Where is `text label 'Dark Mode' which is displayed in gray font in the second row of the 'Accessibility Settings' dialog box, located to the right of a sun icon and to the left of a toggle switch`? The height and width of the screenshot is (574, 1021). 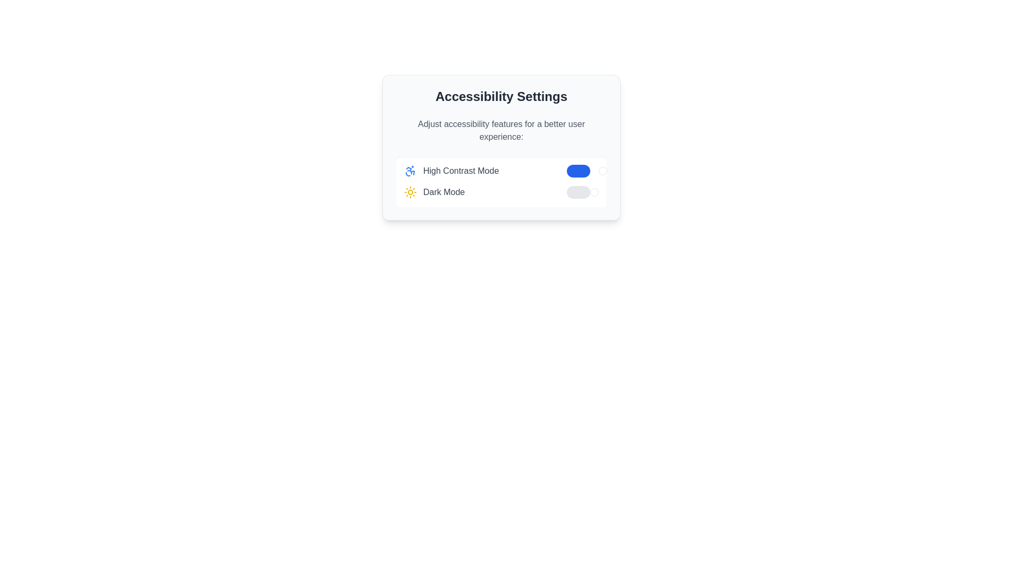
text label 'Dark Mode' which is displayed in gray font in the second row of the 'Accessibility Settings' dialog box, located to the right of a sun icon and to the left of a toggle switch is located at coordinates (444, 192).